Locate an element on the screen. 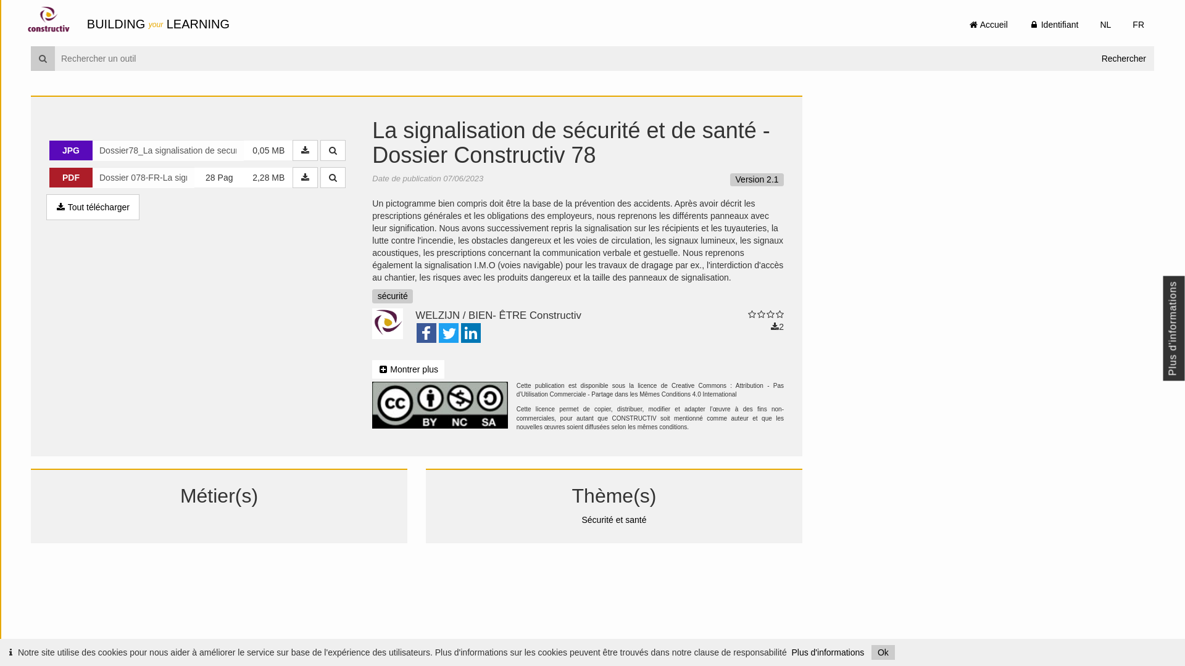 The image size is (1185, 666). 'PDF' is located at coordinates (49, 178).